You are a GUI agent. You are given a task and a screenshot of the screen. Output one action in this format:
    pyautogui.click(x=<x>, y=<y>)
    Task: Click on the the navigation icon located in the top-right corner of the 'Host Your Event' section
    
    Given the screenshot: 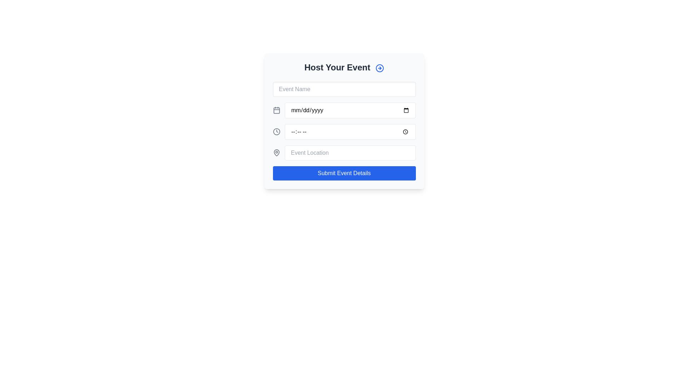 What is the action you would take?
    pyautogui.click(x=379, y=68)
    